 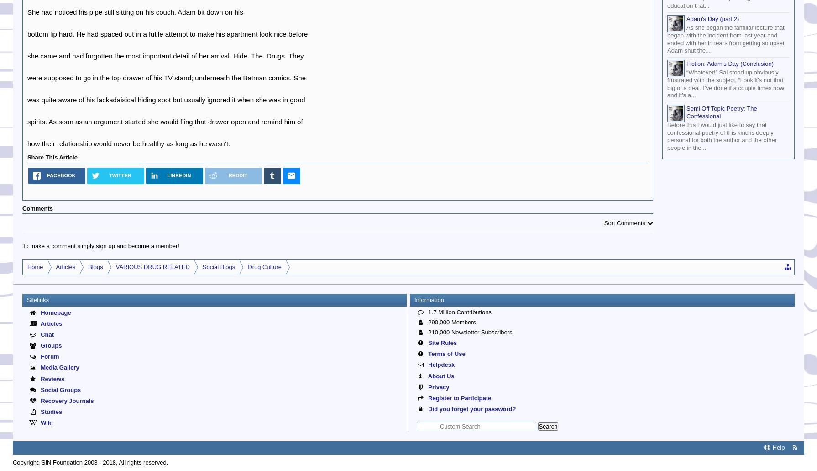 What do you see at coordinates (46, 422) in the screenshot?
I see `'Wiki'` at bounding box center [46, 422].